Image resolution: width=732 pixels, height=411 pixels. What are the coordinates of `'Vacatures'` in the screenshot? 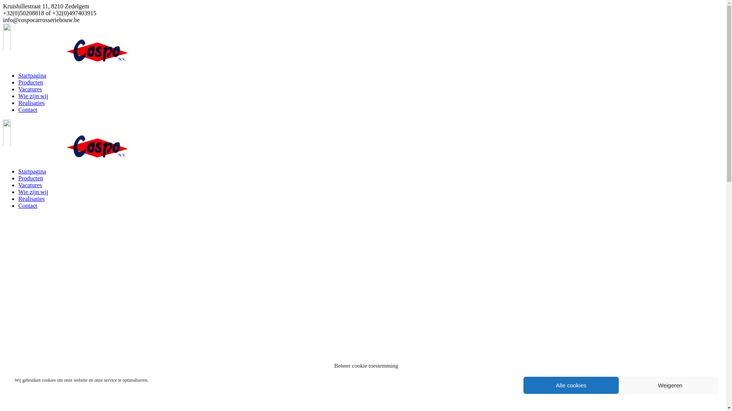 It's located at (30, 185).